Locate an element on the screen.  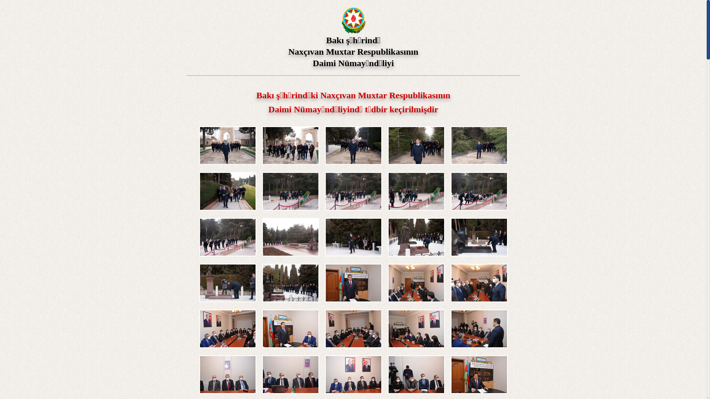
'Click to enlarge' is located at coordinates (416, 191).